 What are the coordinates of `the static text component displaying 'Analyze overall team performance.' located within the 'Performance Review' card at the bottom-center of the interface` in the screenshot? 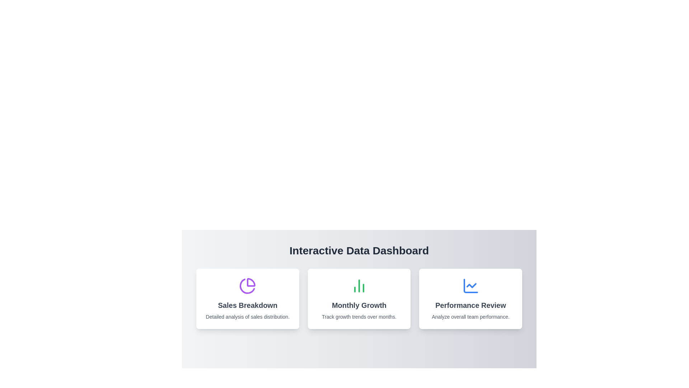 It's located at (470, 317).